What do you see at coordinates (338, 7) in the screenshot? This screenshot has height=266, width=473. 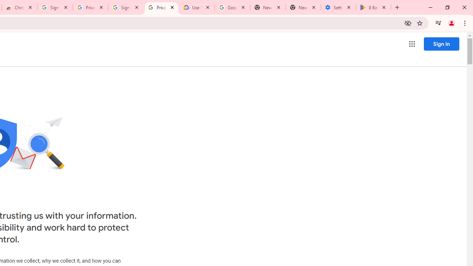 I see `'Settings - System'` at bounding box center [338, 7].